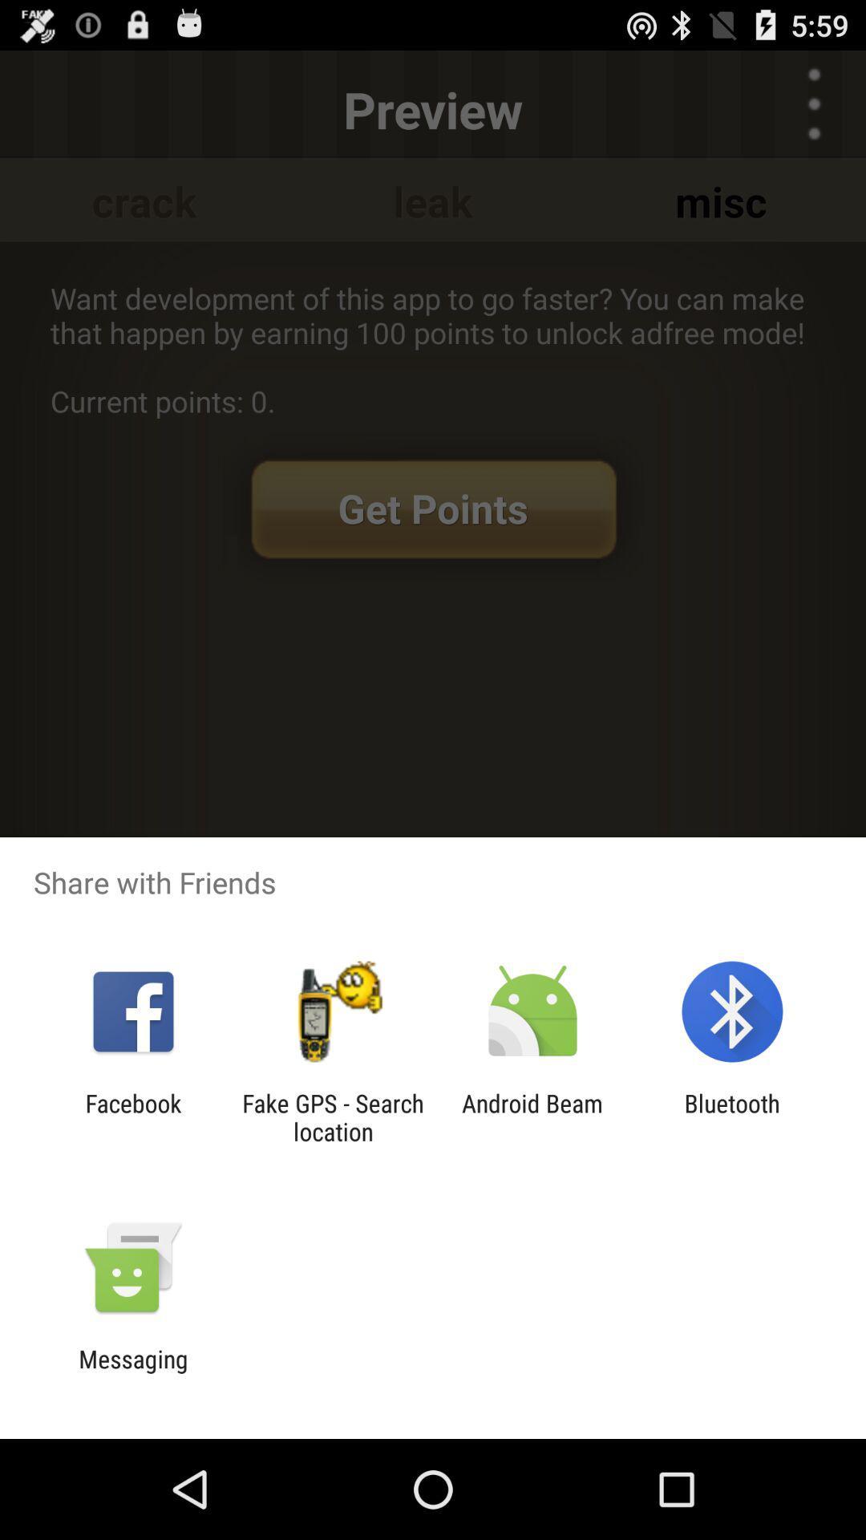 The height and width of the screenshot is (1540, 866). Describe the element at coordinates (532, 1116) in the screenshot. I see `the icon next to fake gps search` at that location.